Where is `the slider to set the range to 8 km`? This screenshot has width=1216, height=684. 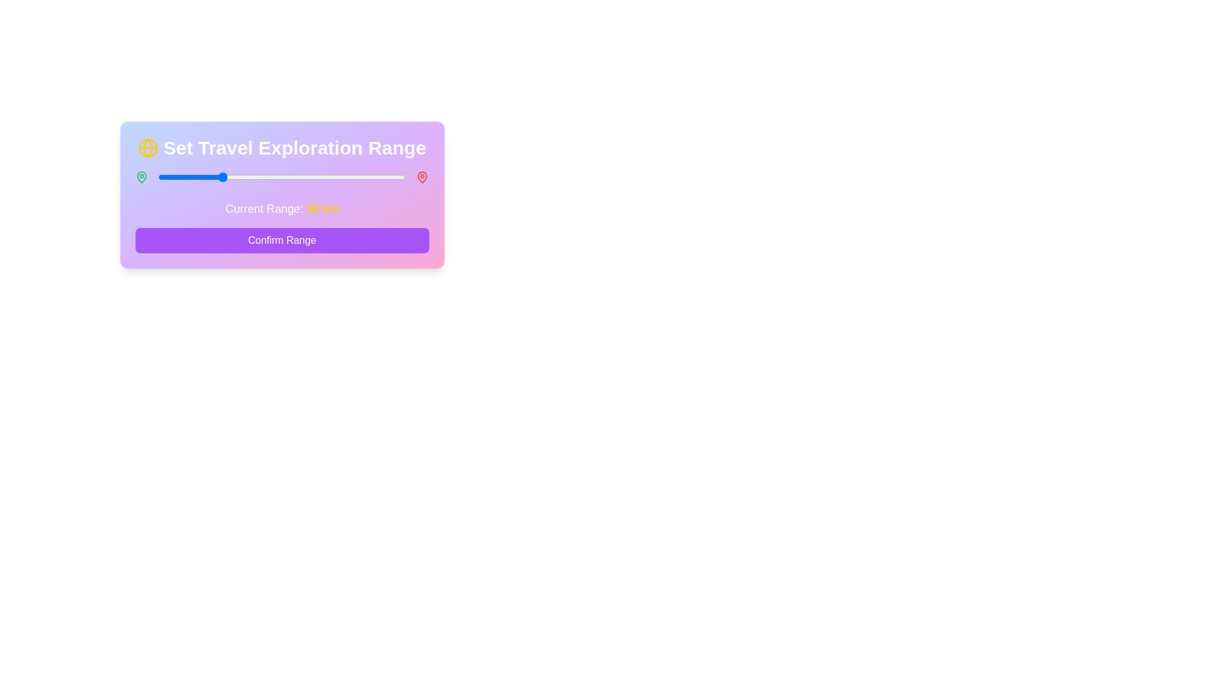 the slider to set the range to 8 km is located at coordinates (167, 177).